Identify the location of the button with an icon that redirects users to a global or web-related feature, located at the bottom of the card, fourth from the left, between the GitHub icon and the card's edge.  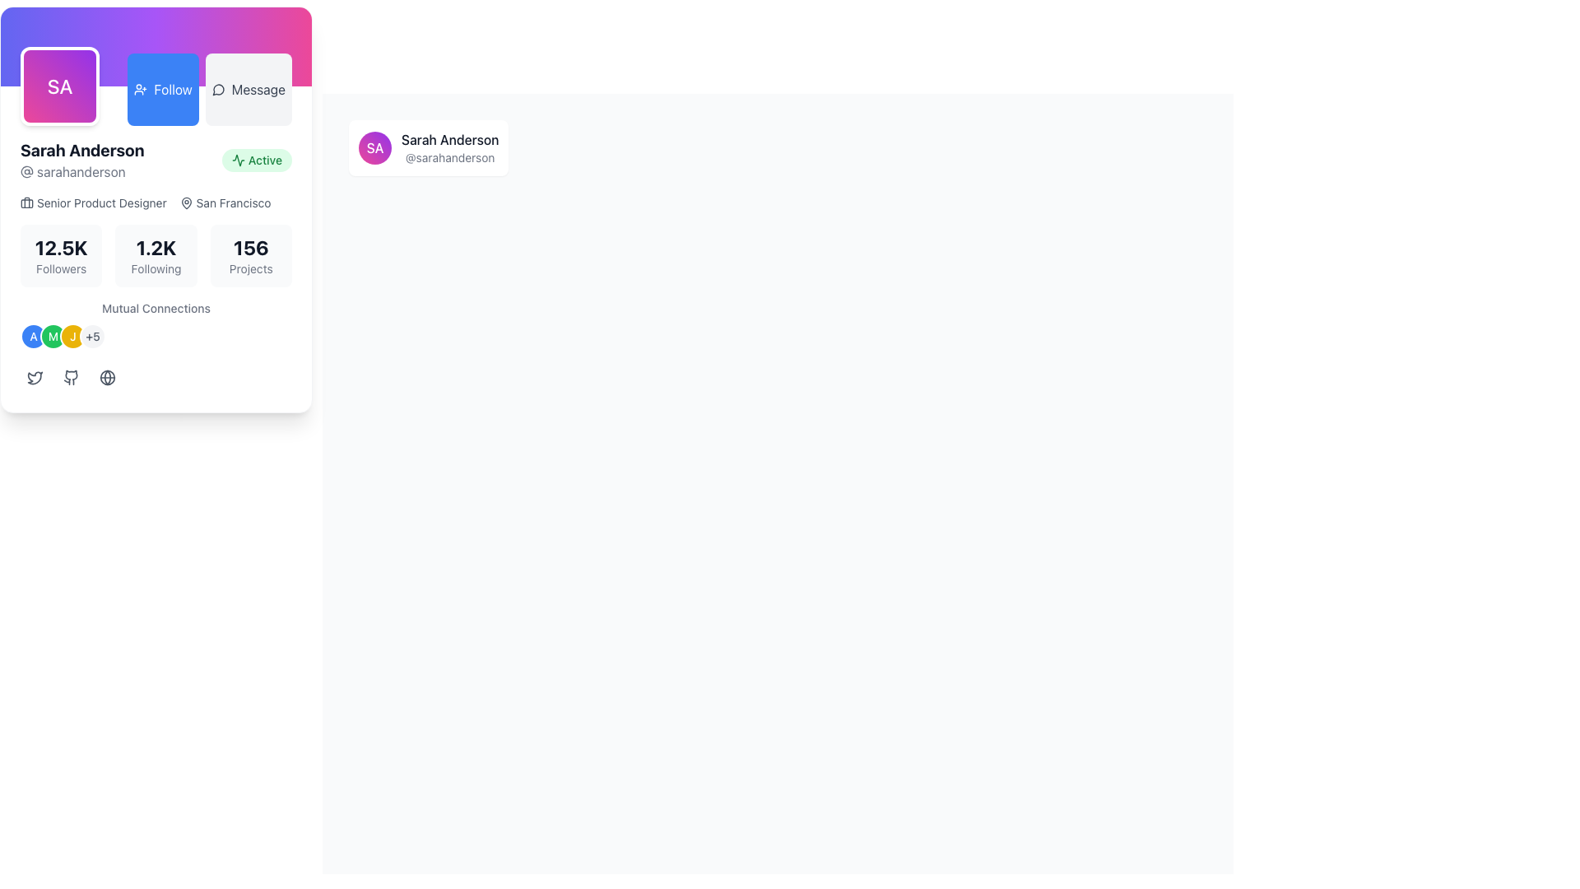
(106, 378).